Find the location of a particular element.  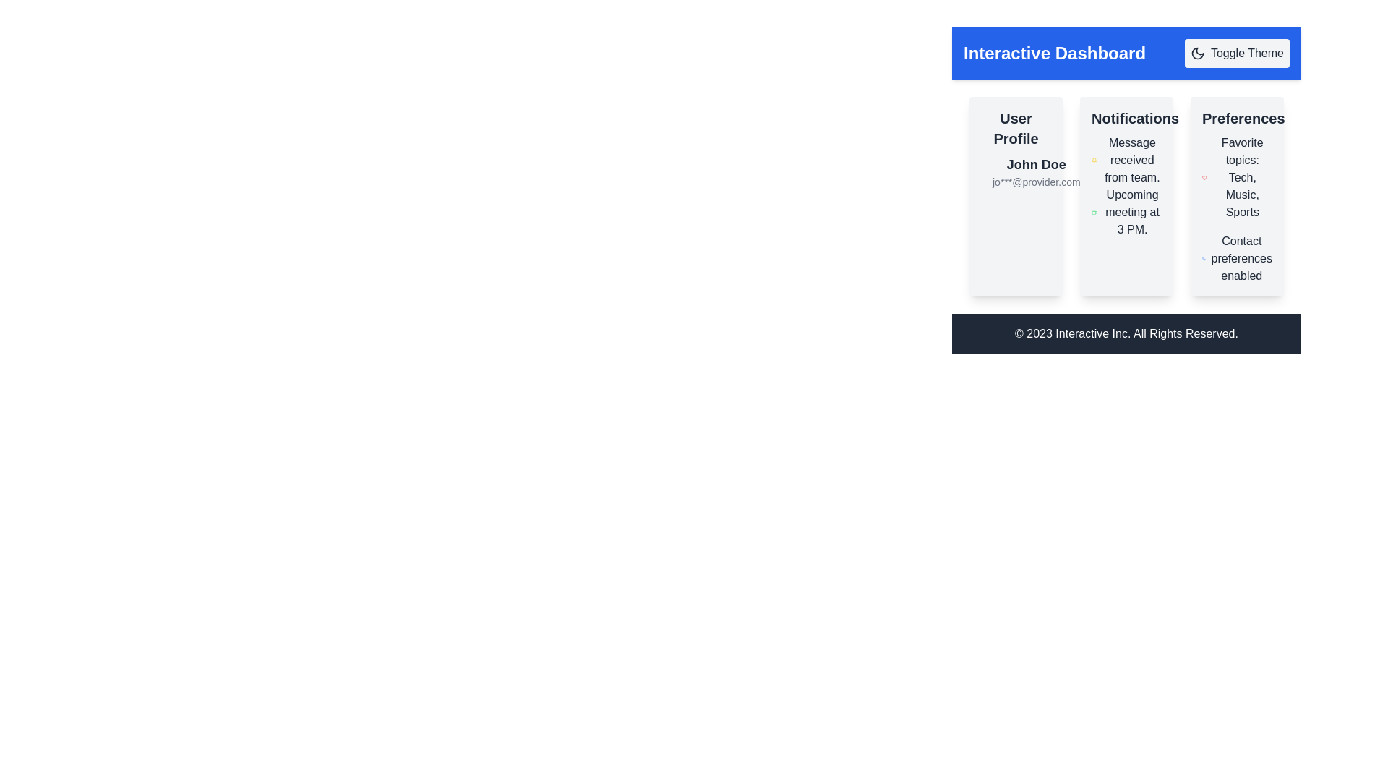

the 'Toggle Theme' text label located at the top-right corner of the interface, next to the moon icon is located at coordinates (1246, 52).